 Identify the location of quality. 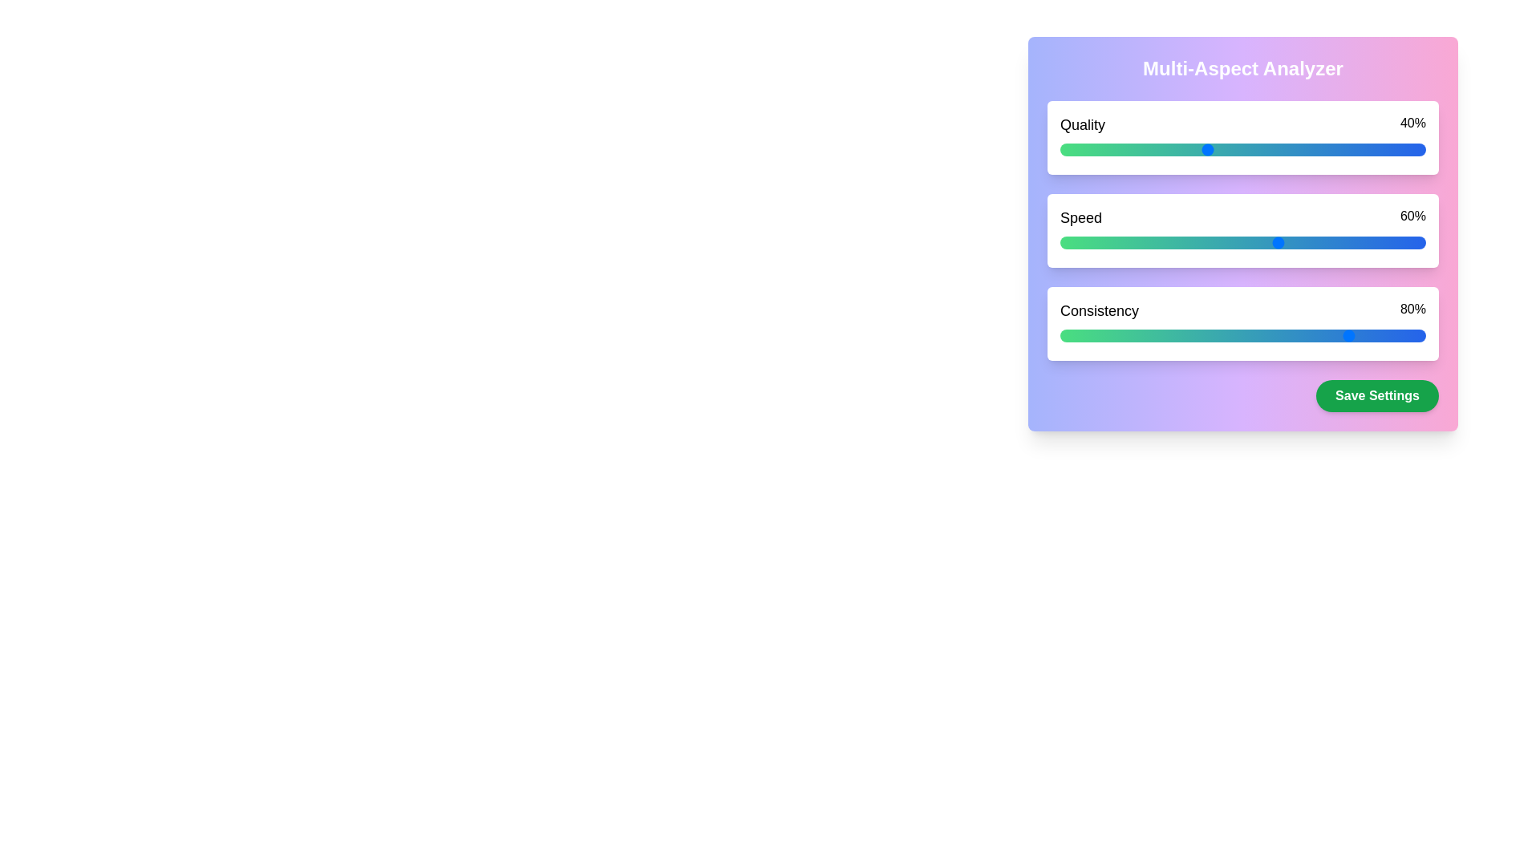
(1298, 149).